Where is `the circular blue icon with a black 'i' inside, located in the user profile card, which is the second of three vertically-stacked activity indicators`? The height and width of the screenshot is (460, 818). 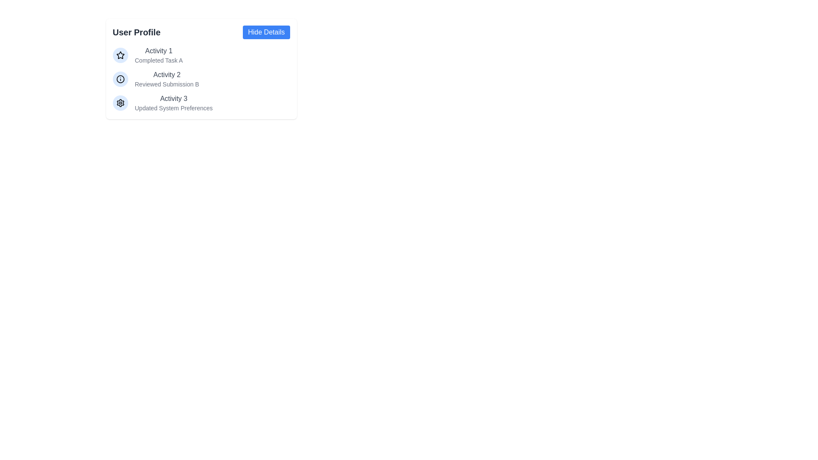
the circular blue icon with a black 'i' inside, located in the user profile card, which is the second of three vertically-stacked activity indicators is located at coordinates (120, 79).